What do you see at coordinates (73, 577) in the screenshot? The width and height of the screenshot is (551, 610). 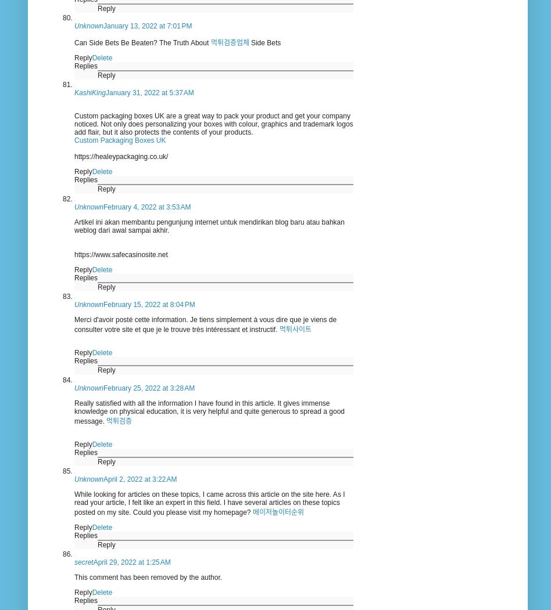 I see `'This comment has been removed by the author.'` at bounding box center [73, 577].